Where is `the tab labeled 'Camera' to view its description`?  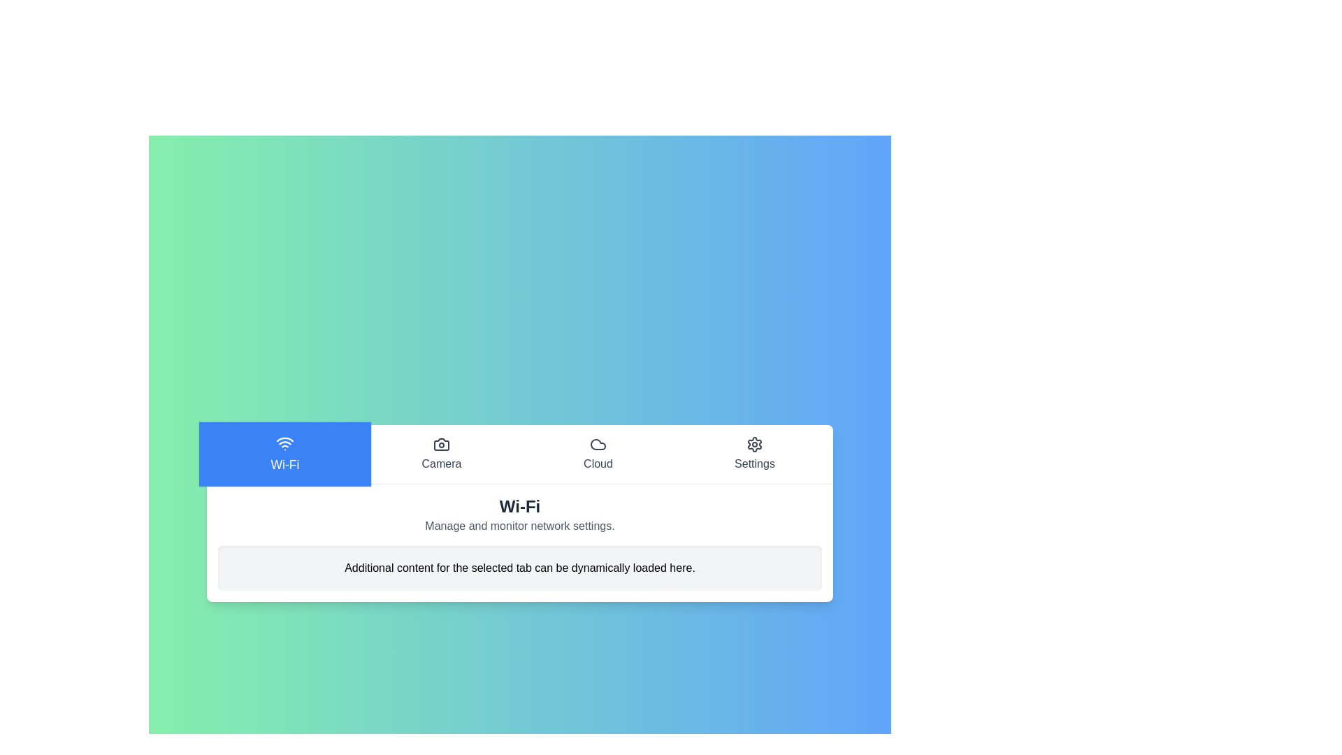 the tab labeled 'Camera' to view its description is located at coordinates (441, 454).